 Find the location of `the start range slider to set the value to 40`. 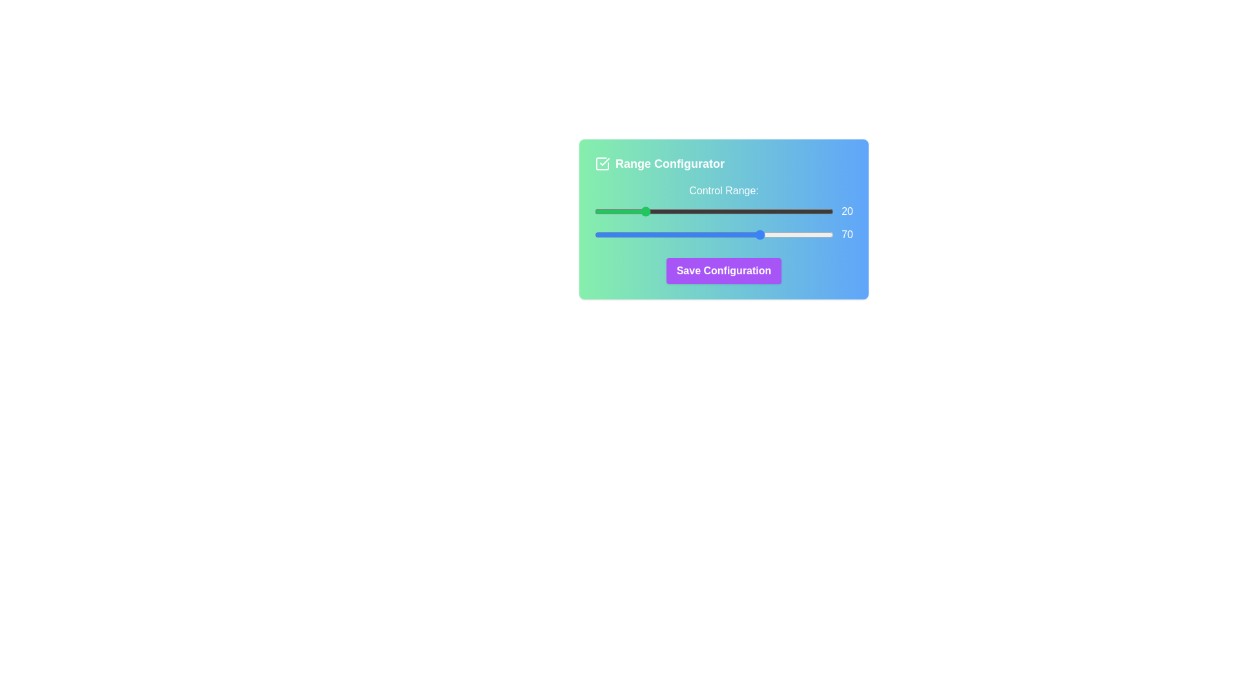

the start range slider to set the value to 40 is located at coordinates (690, 210).